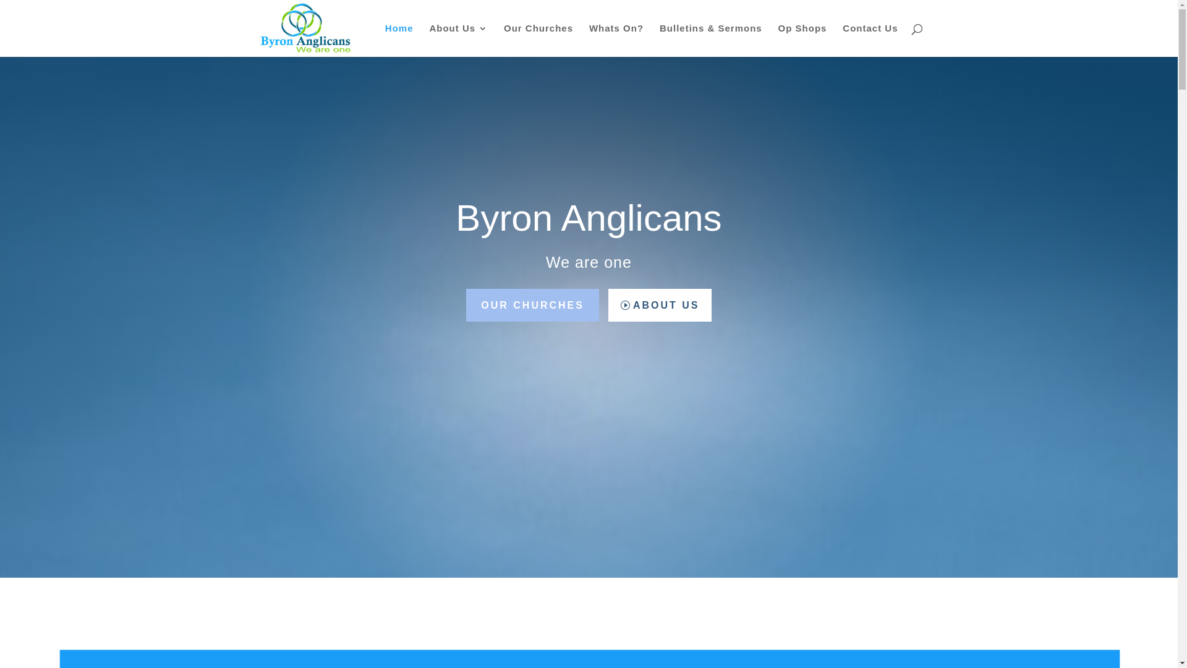  What do you see at coordinates (777, 40) in the screenshot?
I see `'Op Shops'` at bounding box center [777, 40].